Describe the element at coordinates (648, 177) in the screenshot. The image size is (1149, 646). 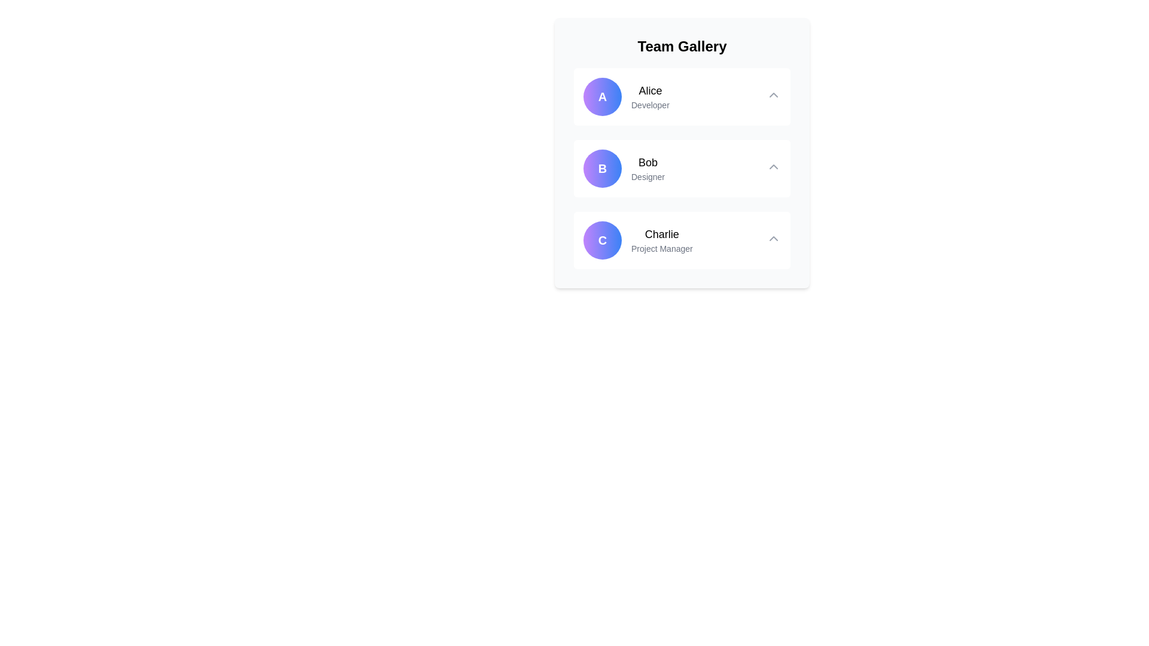
I see `the text label that provides additional information about the individual named 'Bob' located underneath the 'Bob' title in the second card of the 'Team Gallery' section` at that location.